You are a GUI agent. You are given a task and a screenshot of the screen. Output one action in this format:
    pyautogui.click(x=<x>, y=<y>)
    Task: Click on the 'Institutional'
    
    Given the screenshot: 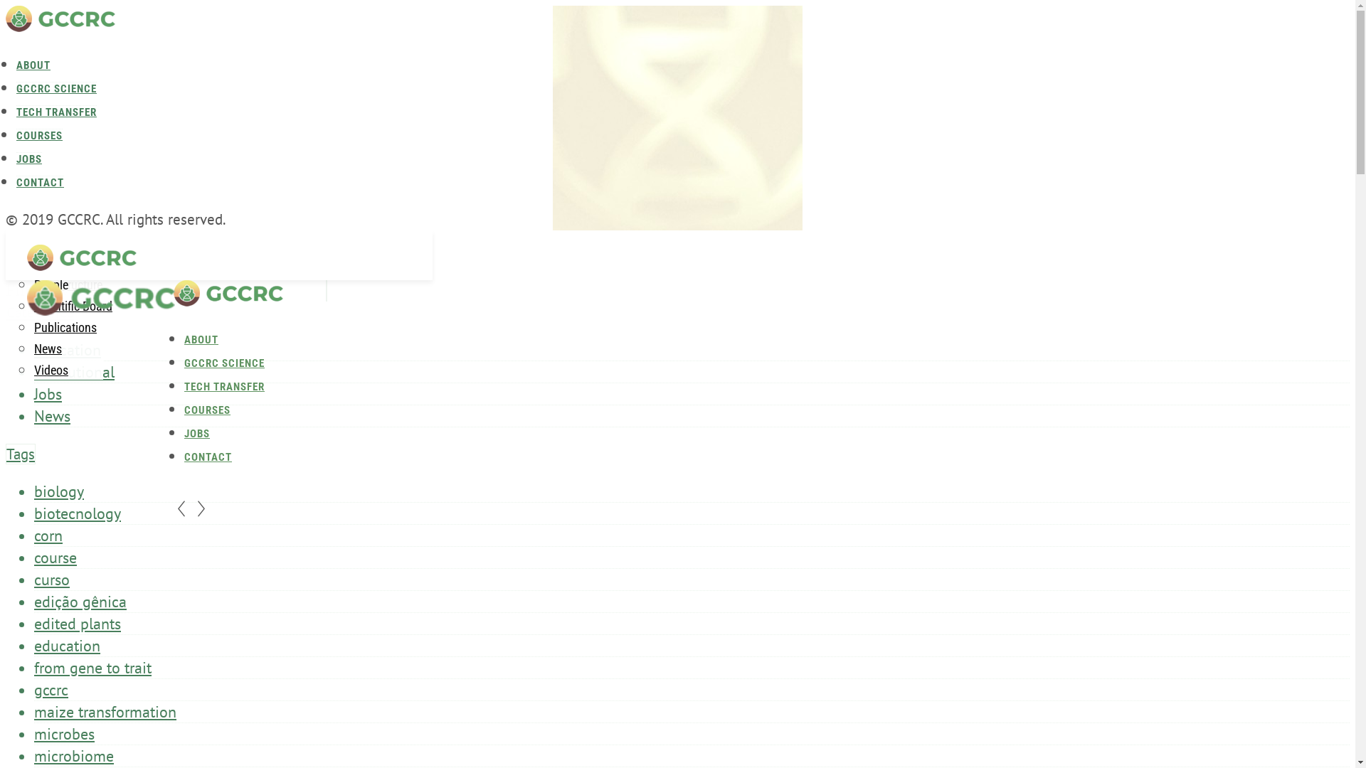 What is the action you would take?
    pyautogui.click(x=73, y=371)
    